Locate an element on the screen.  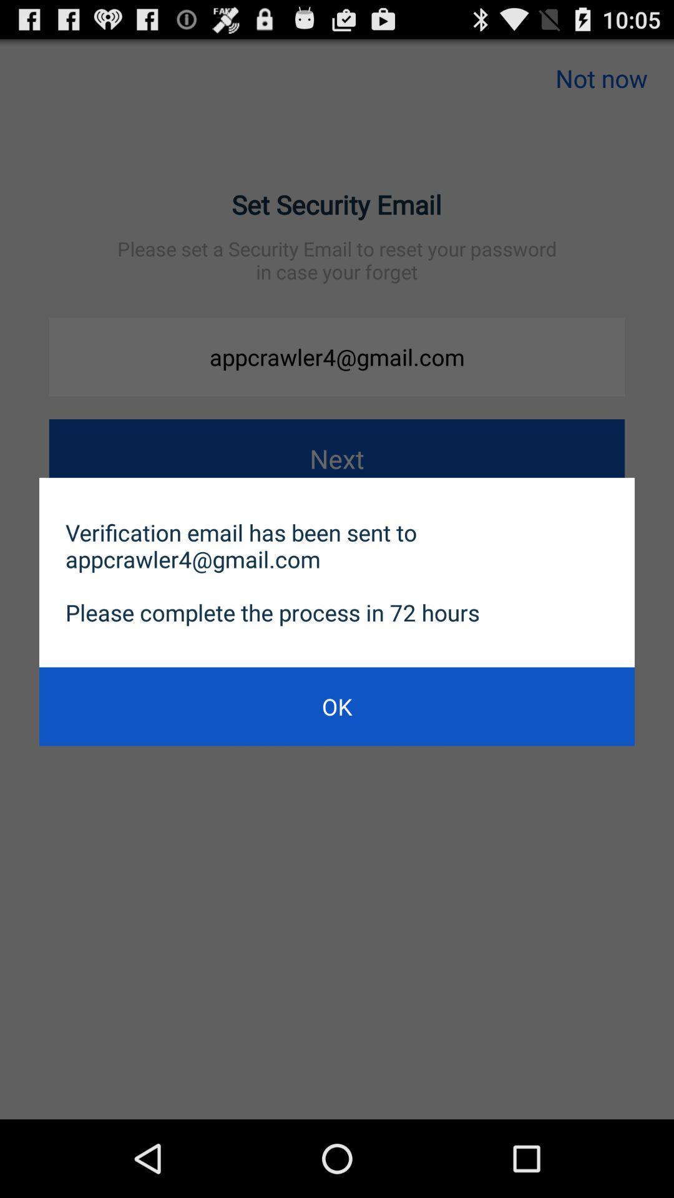
the app below the verification email has is located at coordinates (337, 706).